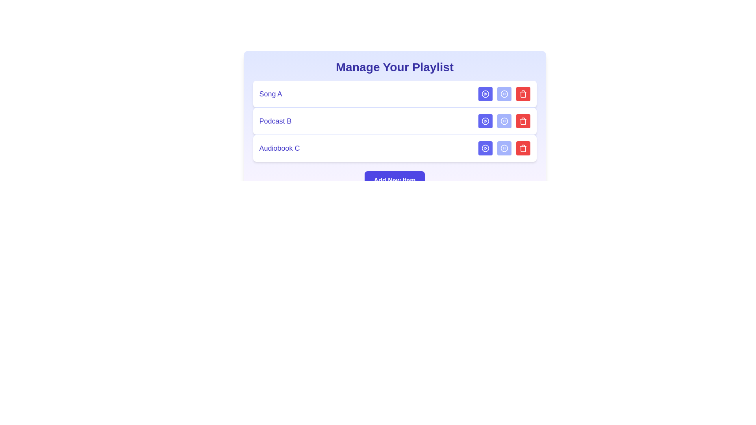  Describe the element at coordinates (523, 121) in the screenshot. I see `the delete button for the media item Podcast B` at that location.